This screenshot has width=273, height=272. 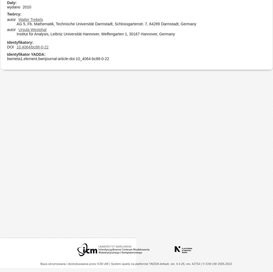 I want to click on 'Twórcy', so click(x=13, y=14).